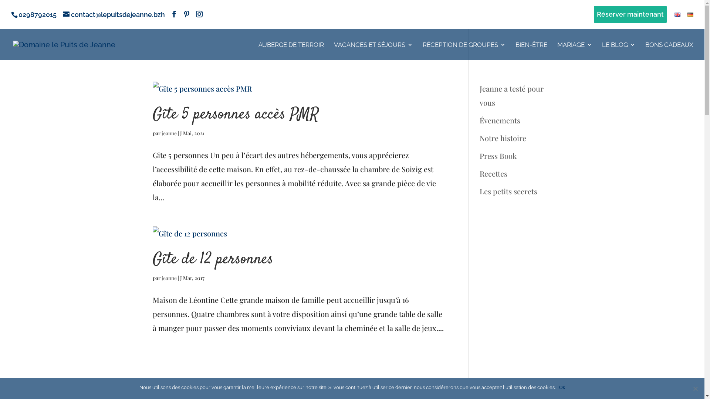 The height and width of the screenshot is (399, 710). Describe the element at coordinates (562, 387) in the screenshot. I see `'Ok'` at that location.